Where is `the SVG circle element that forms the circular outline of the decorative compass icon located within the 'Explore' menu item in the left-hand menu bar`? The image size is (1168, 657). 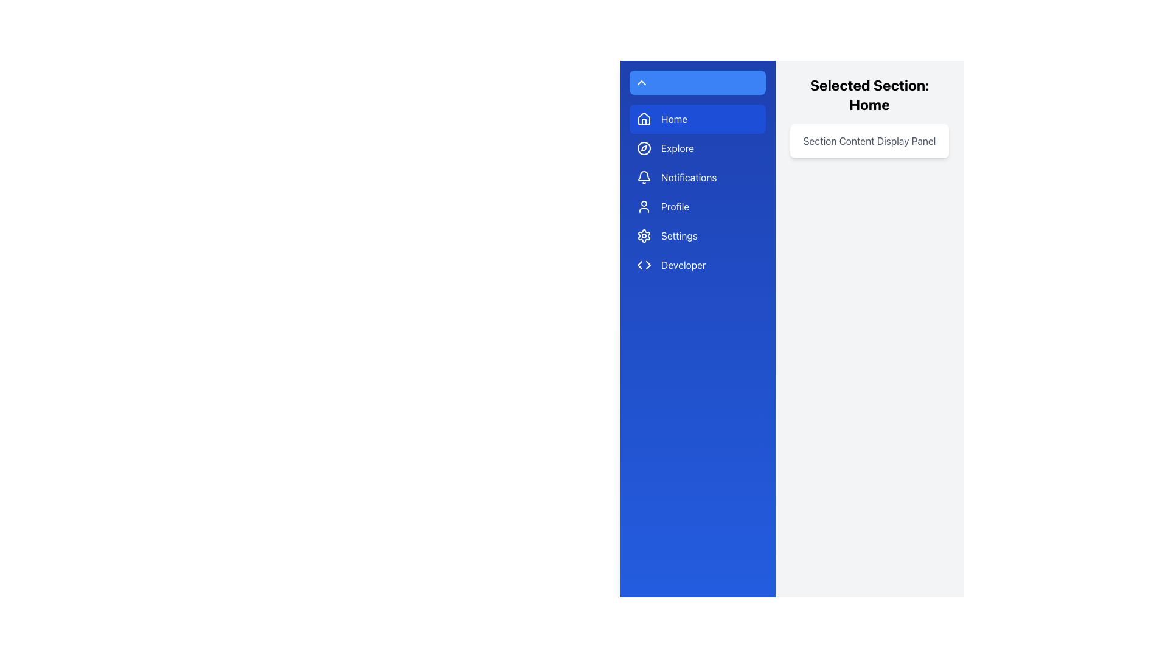 the SVG circle element that forms the circular outline of the decorative compass icon located within the 'Explore' menu item in the left-hand menu bar is located at coordinates (644, 147).